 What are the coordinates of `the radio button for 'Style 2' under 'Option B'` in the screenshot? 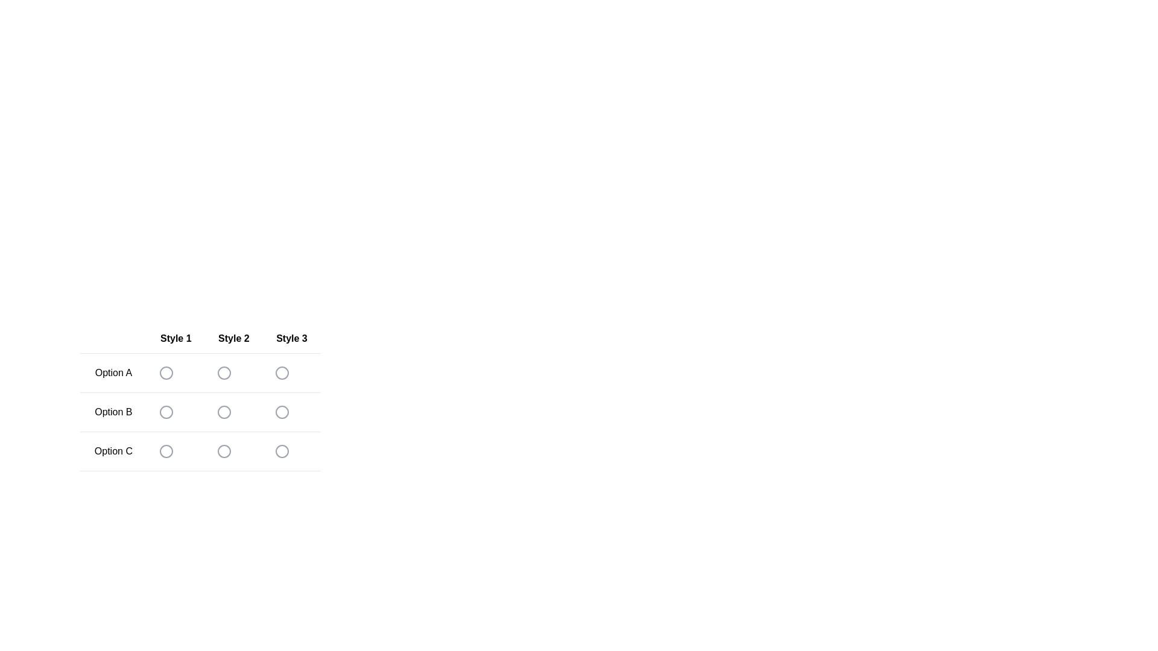 It's located at (224, 411).